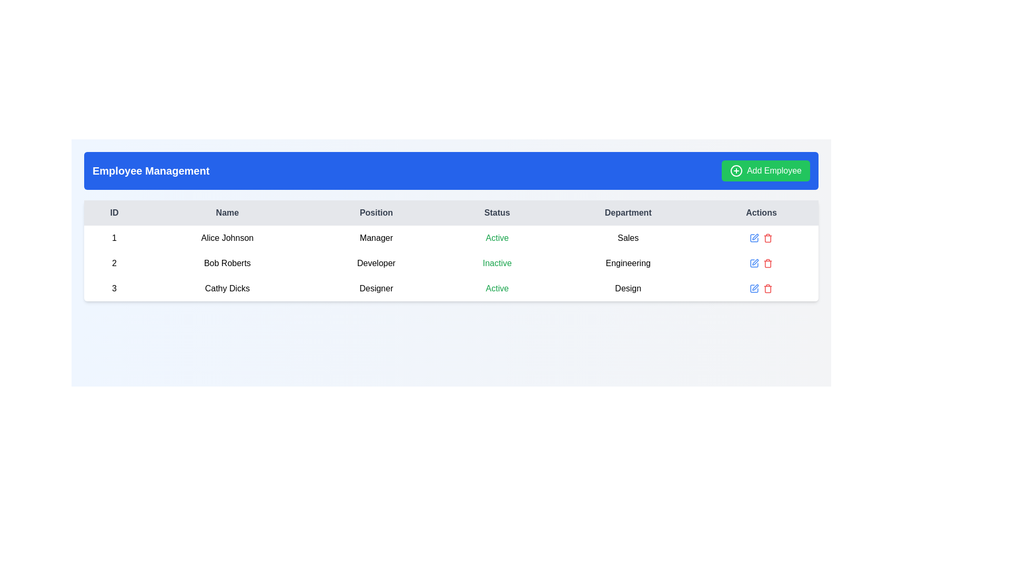 The height and width of the screenshot is (568, 1010). Describe the element at coordinates (227, 288) in the screenshot. I see `the Text label displaying the employee's name in the third row of the employee management table, located under the 'Name' column` at that location.